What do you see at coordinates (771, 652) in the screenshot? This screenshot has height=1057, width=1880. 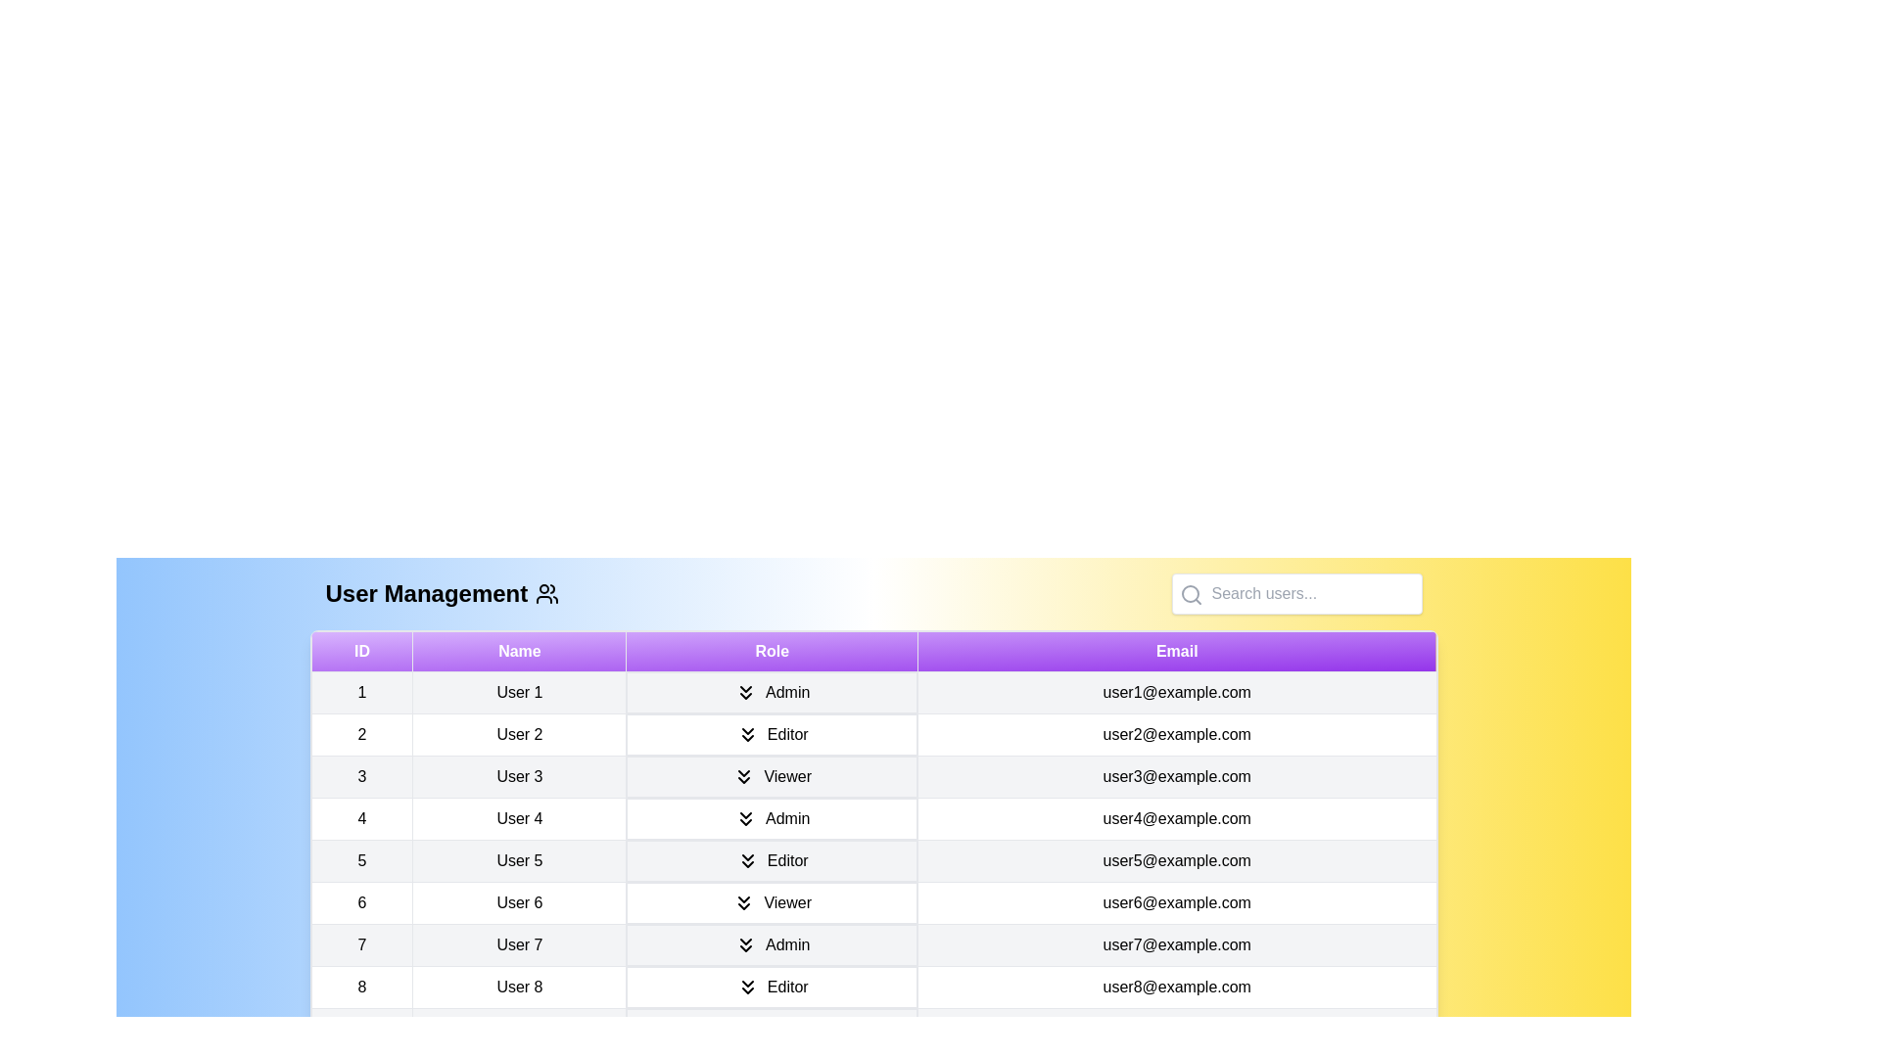 I see `the column header Role to interact with it` at bounding box center [771, 652].